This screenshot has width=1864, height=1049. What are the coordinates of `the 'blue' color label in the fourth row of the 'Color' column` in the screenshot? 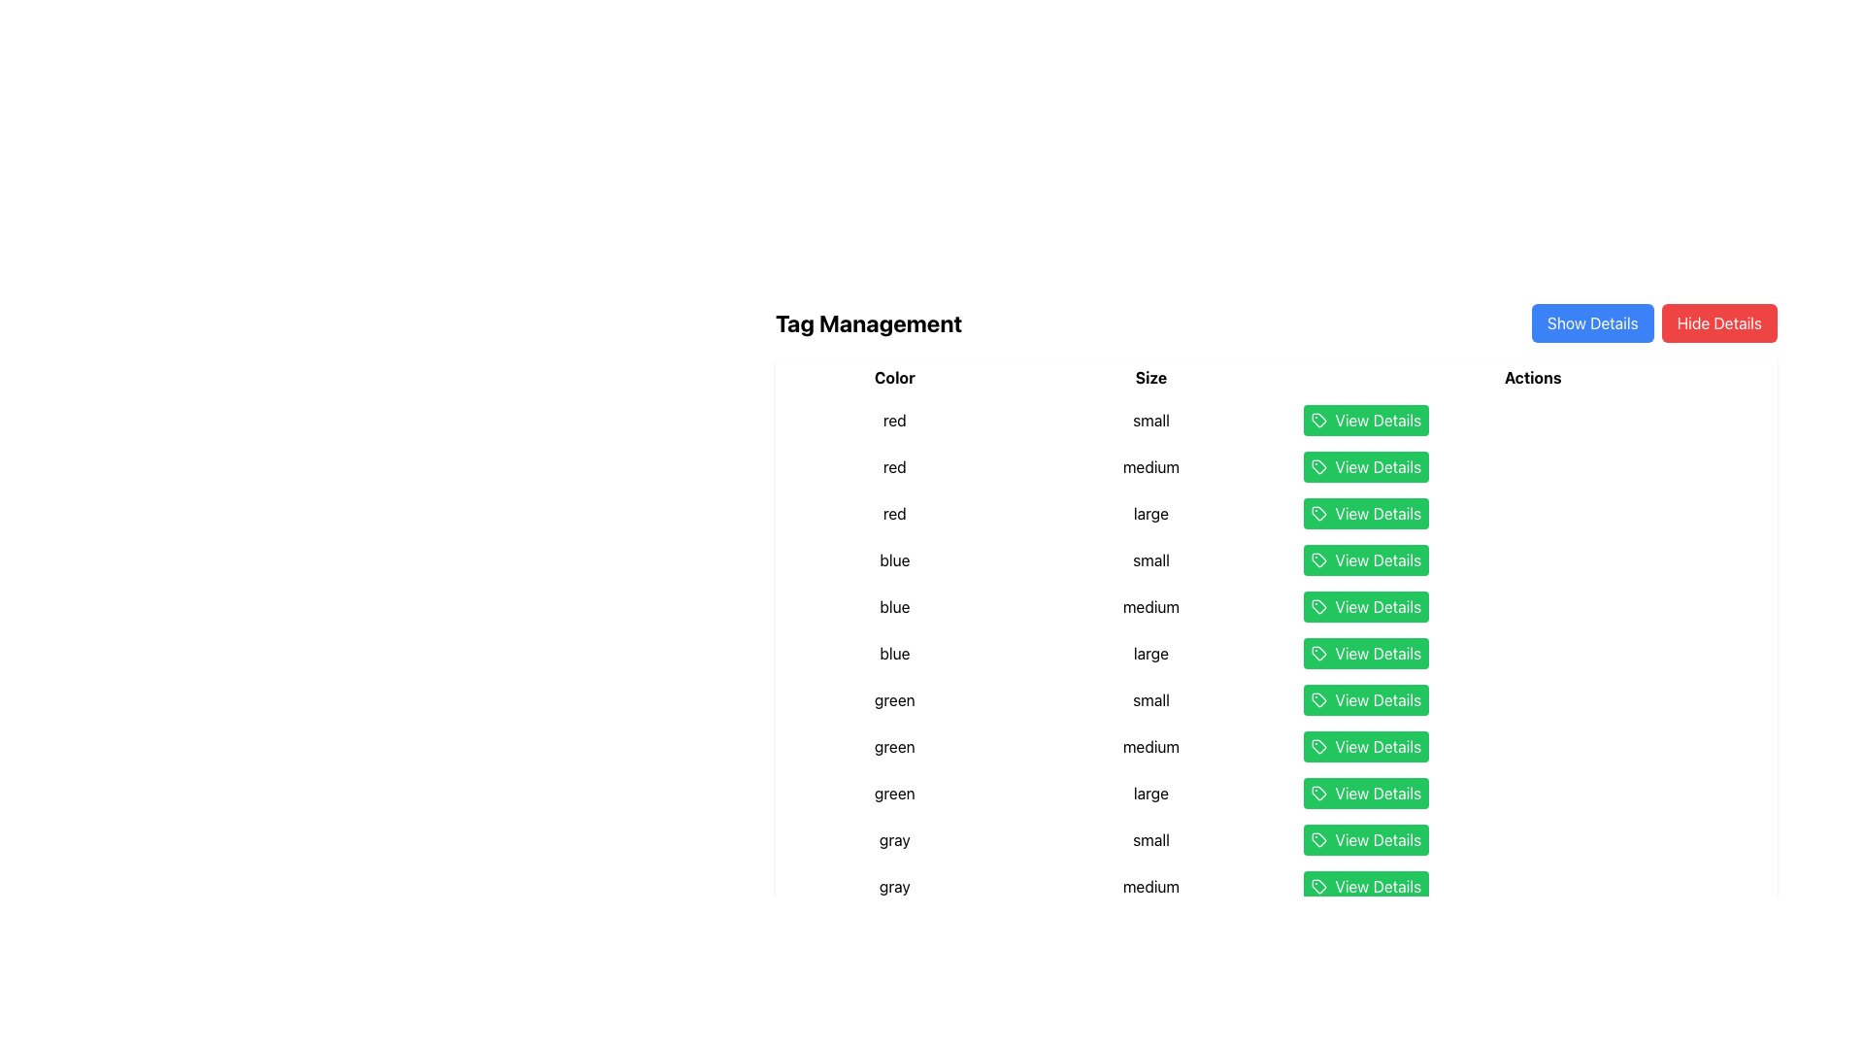 It's located at (893, 560).